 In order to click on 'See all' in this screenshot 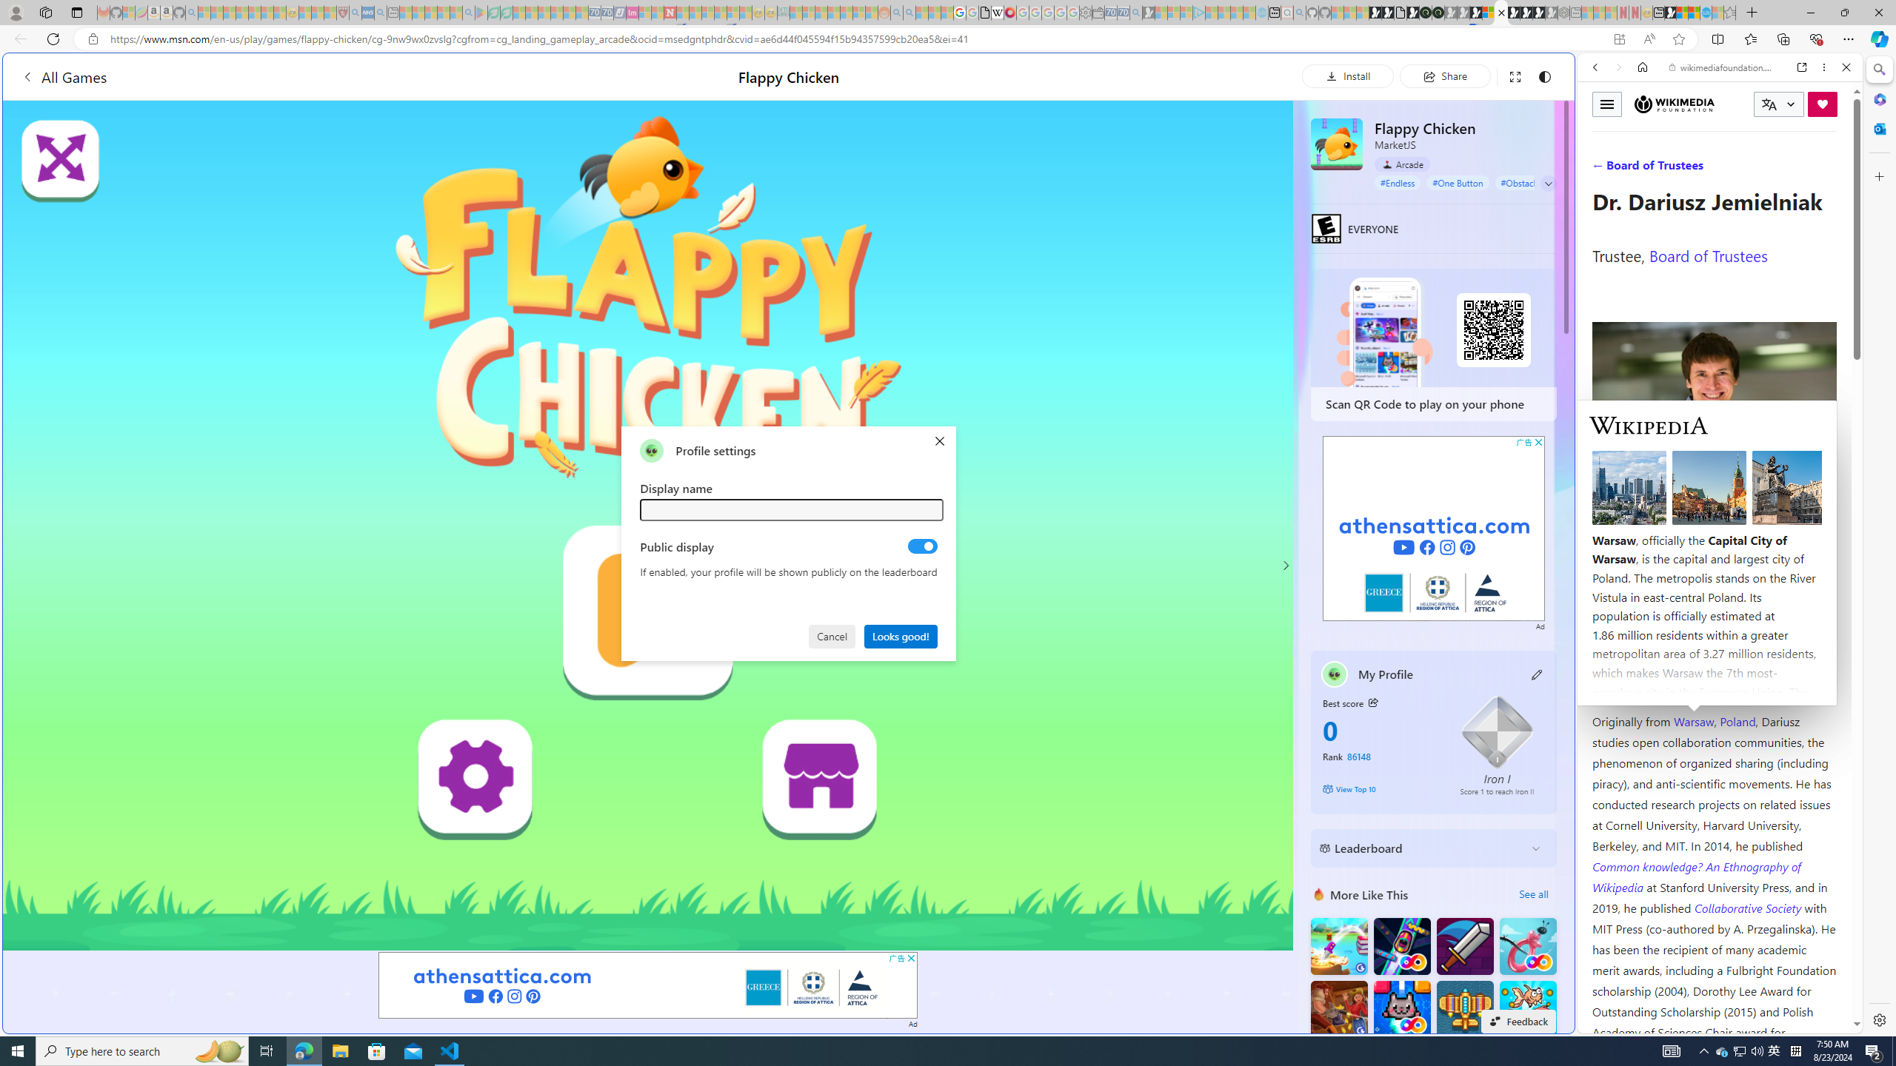, I will do `click(1533, 894)`.